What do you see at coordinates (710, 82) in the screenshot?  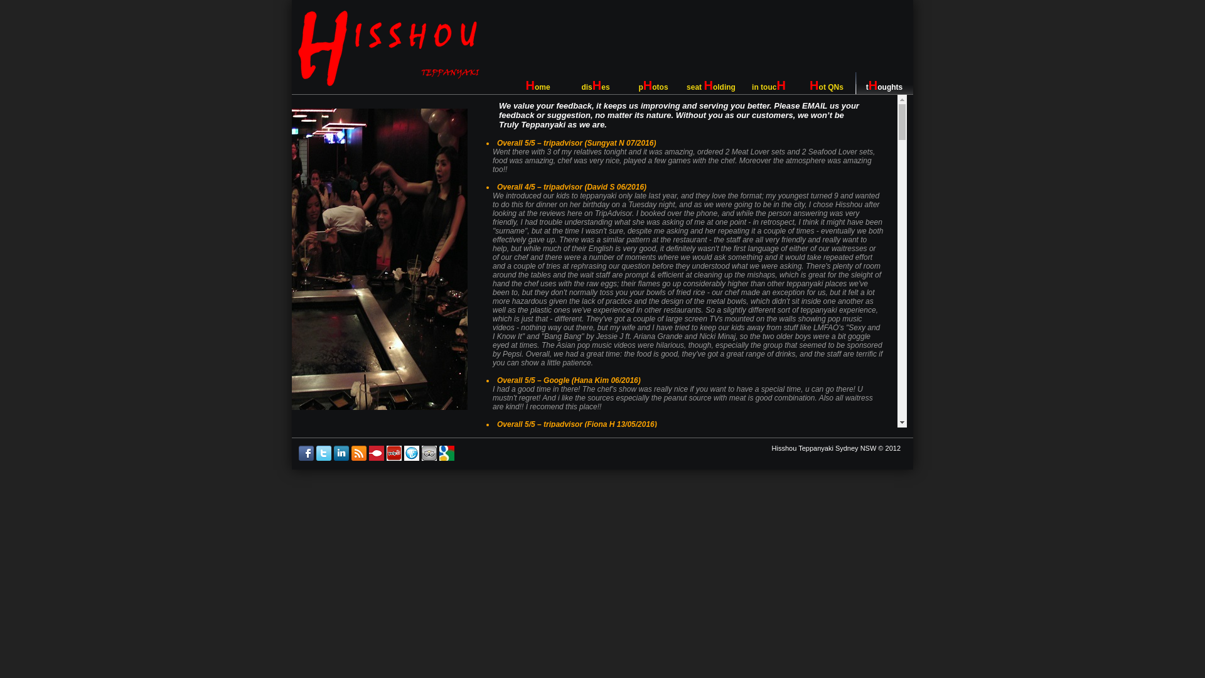 I see `'seat Holding'` at bounding box center [710, 82].